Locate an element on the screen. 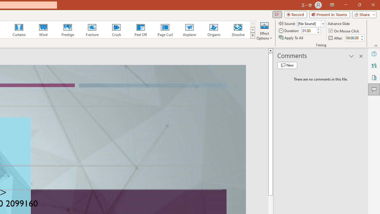 This screenshot has width=380, height=214. 'Class: NetUIImage' is located at coordinates (253, 35).